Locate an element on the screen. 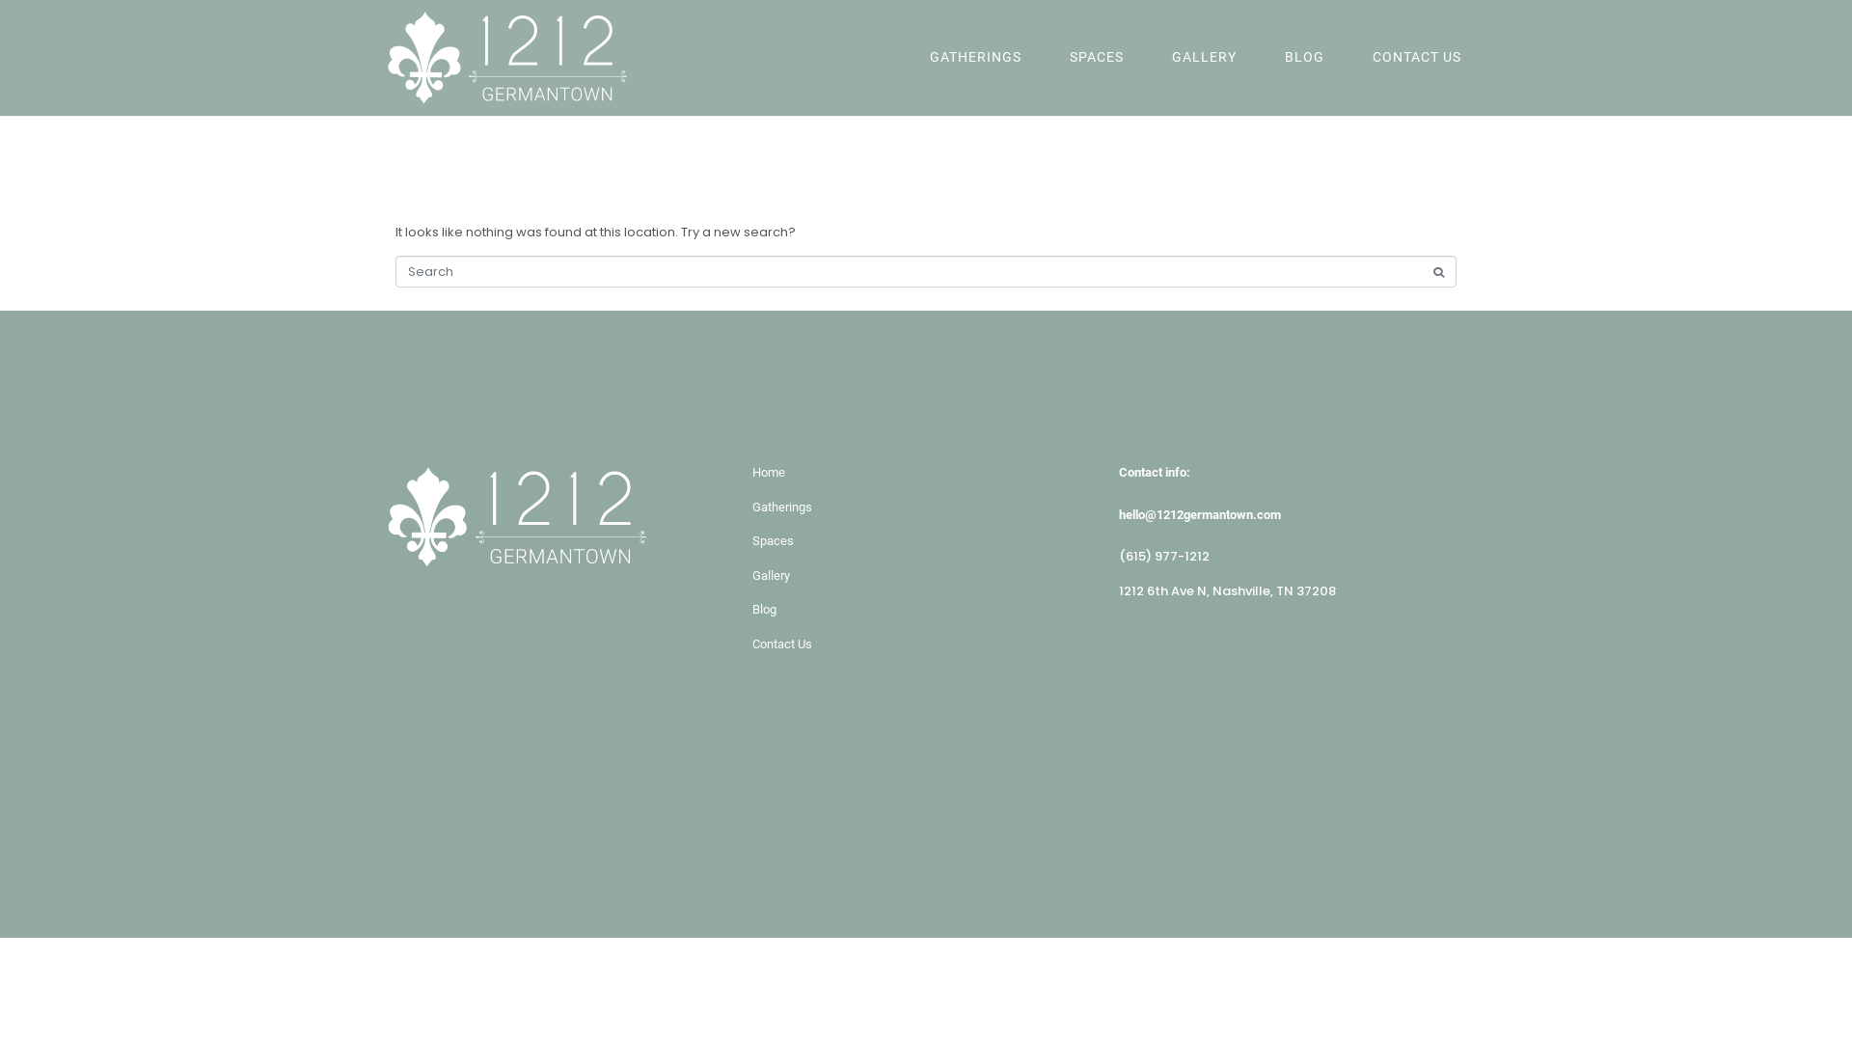 The height and width of the screenshot is (1042, 1852). 'CONTACT US' is located at coordinates (1416, 57).